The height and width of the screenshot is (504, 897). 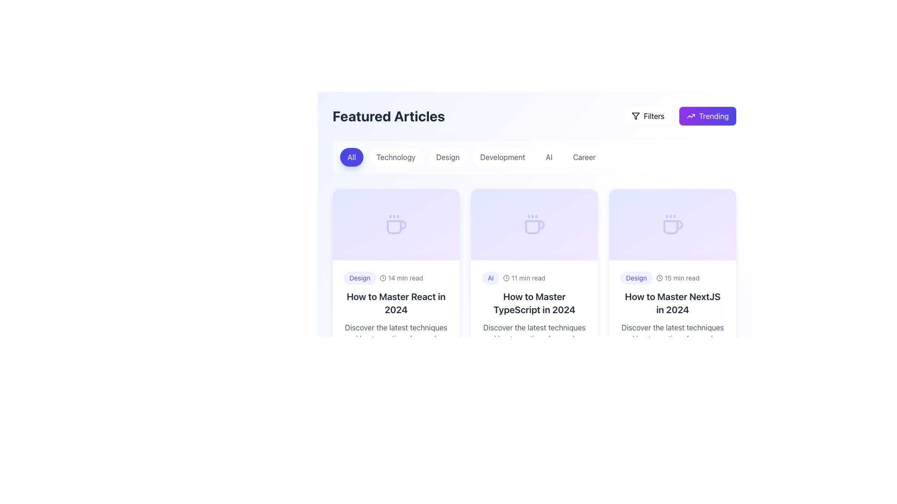 I want to click on the Label Badge that says 'Design', which is a small rectangular element with rounded corners located at the top-left corner of the first article card below the 'Featured Articles' header, so click(x=359, y=278).